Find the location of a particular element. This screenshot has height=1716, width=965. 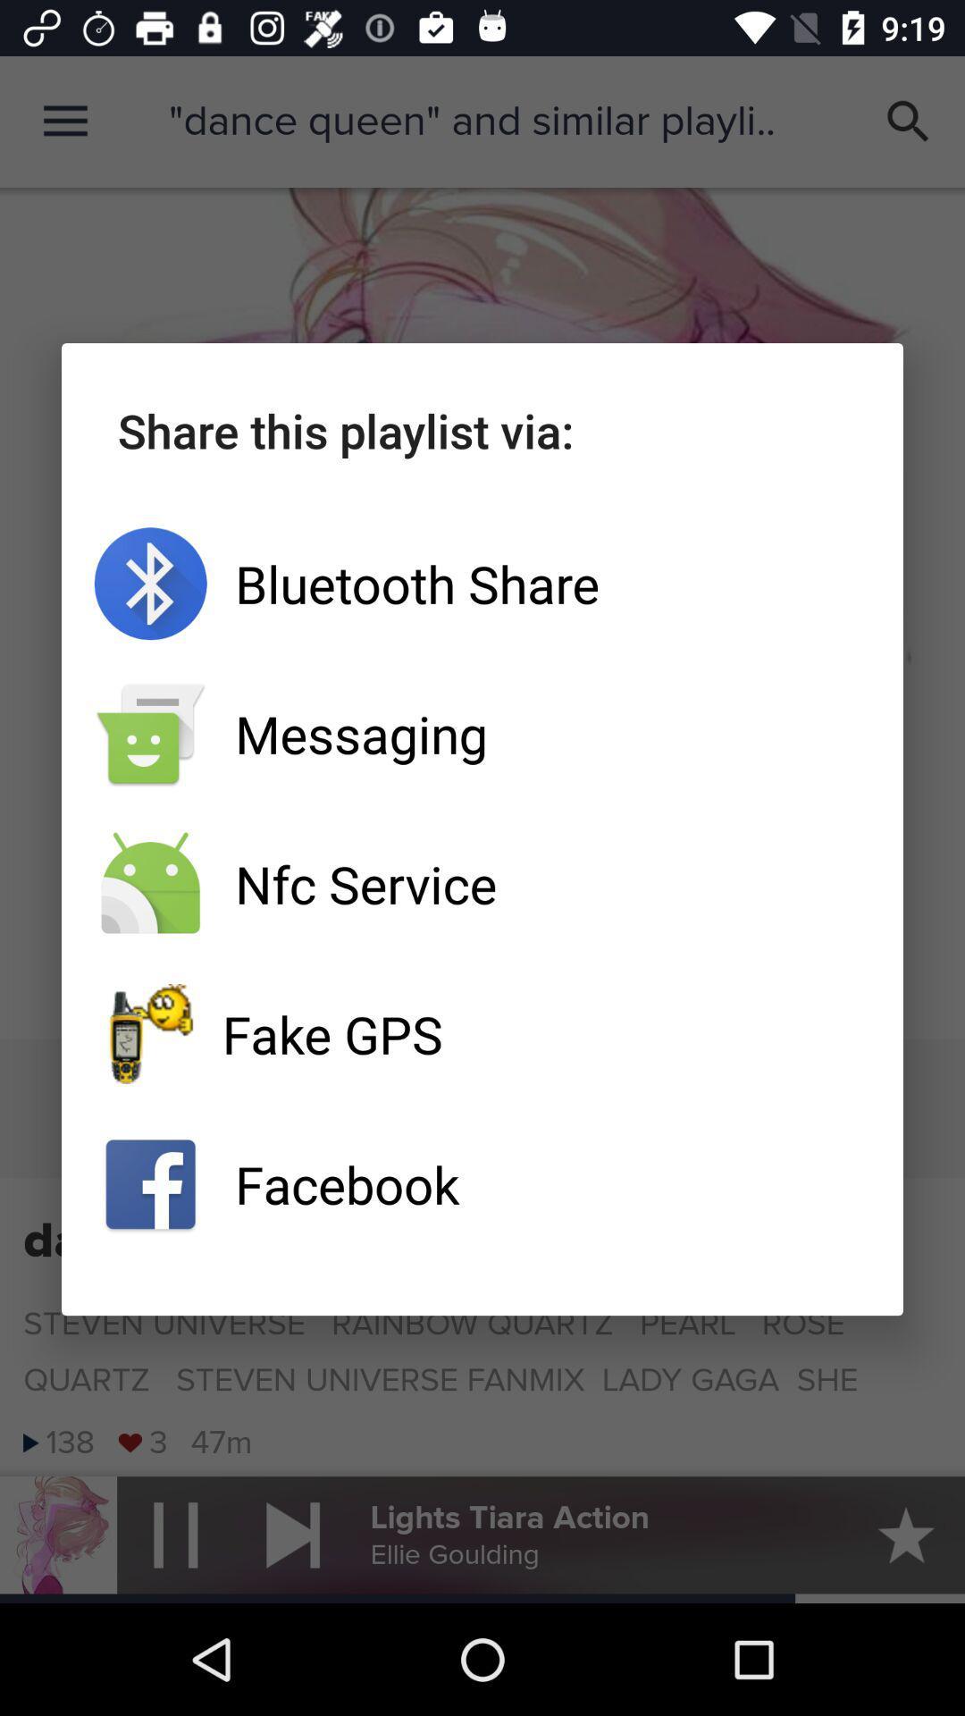

item below share this playlist icon is located at coordinates (482, 584).